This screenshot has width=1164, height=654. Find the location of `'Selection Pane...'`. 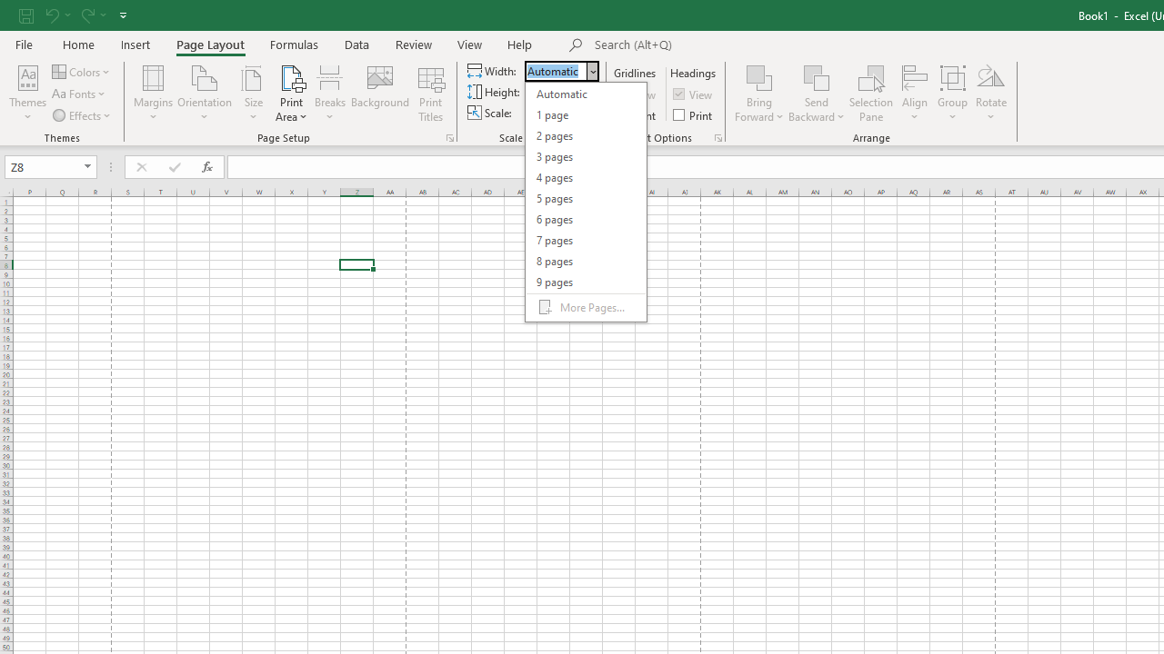

'Selection Pane...' is located at coordinates (870, 94).